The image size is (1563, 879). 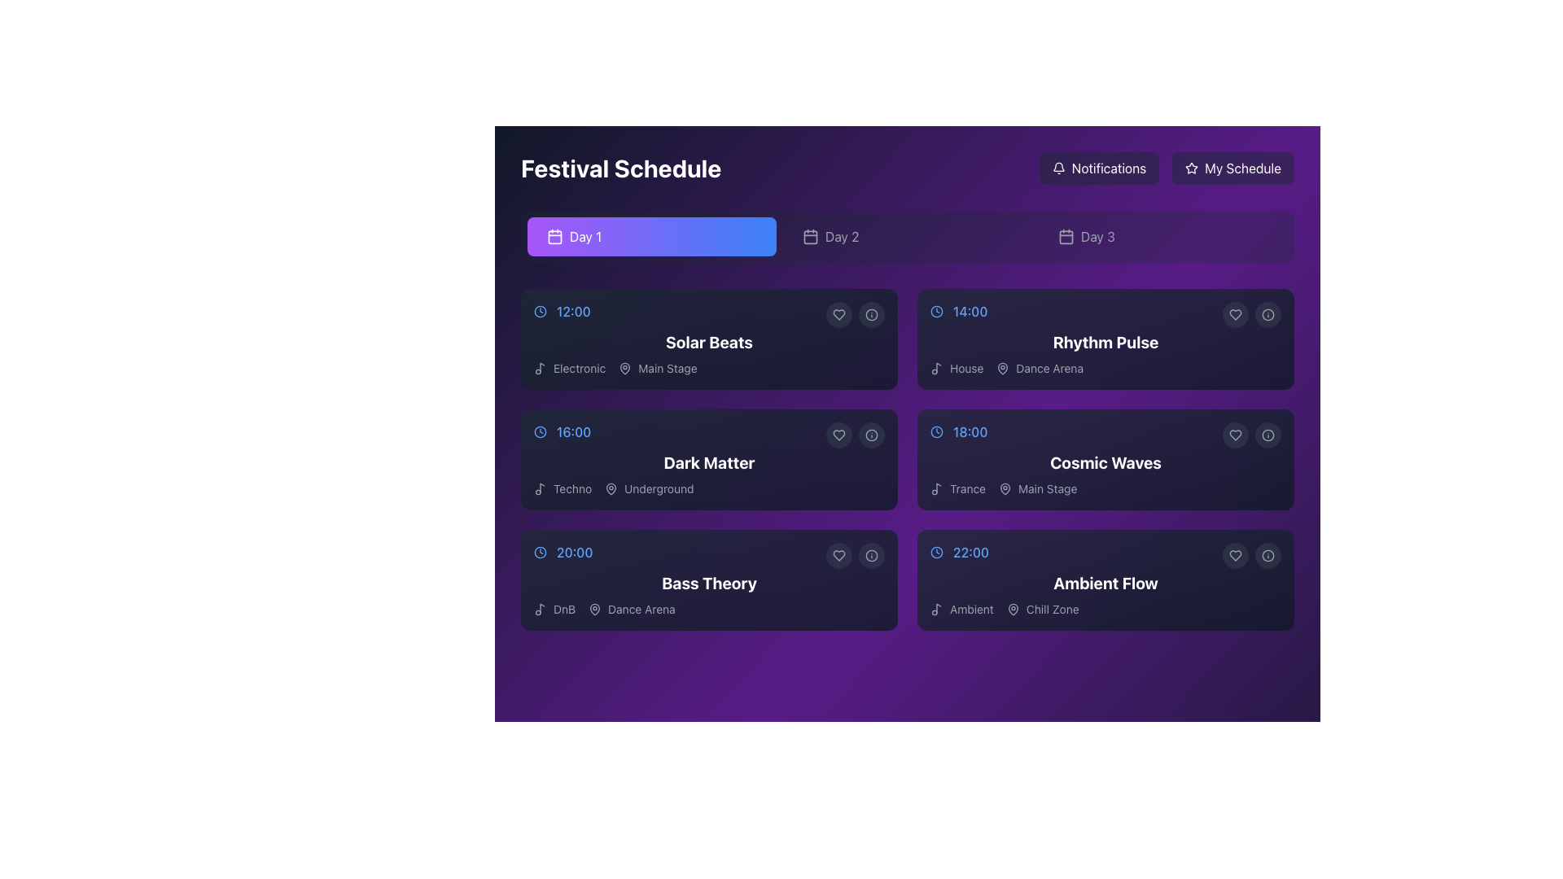 What do you see at coordinates (1004, 488) in the screenshot?
I see `the map pin icon indicating the location of the 'Cosmic Waves' event on the 'Main Stage' at 18:00` at bounding box center [1004, 488].